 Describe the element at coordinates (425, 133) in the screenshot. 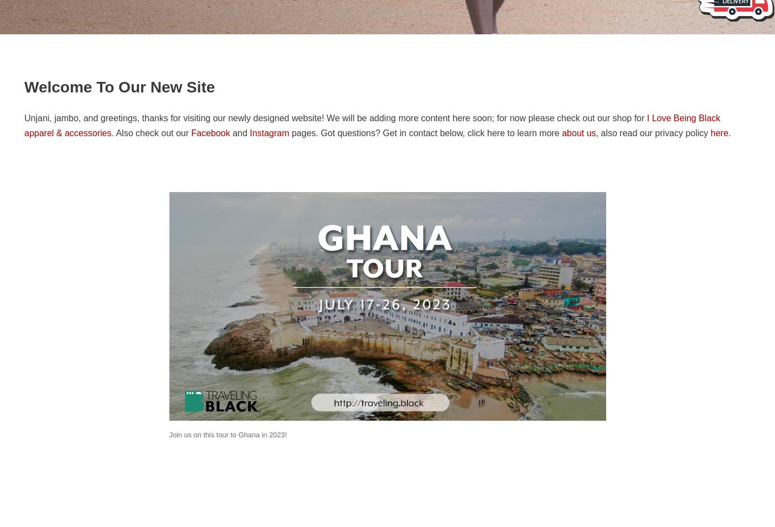

I see `'pages. Got questions? Get in contact below, click here to learn more'` at that location.